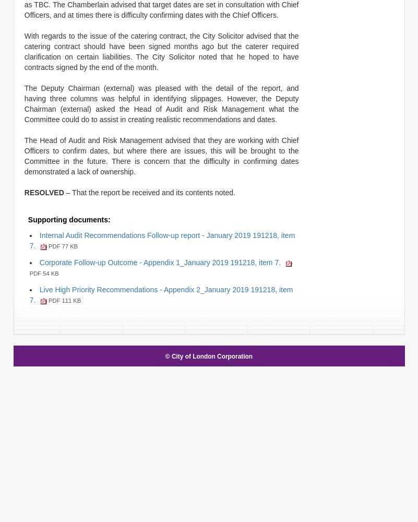  Describe the element at coordinates (162, 240) in the screenshot. I see `'Internal Audit Recommendations Follow-up report - January 2019 191218, item 7.'` at that location.